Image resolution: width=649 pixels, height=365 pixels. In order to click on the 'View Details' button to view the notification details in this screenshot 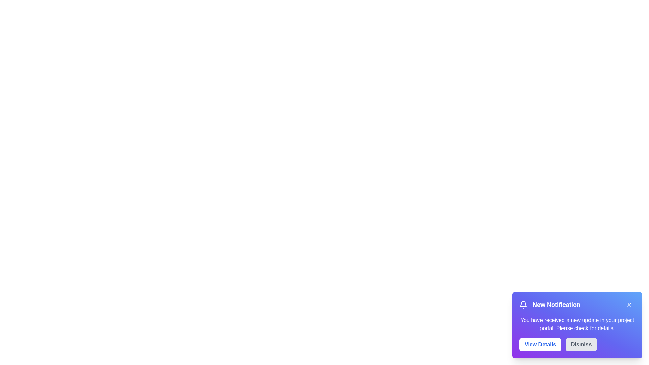, I will do `click(540, 344)`.